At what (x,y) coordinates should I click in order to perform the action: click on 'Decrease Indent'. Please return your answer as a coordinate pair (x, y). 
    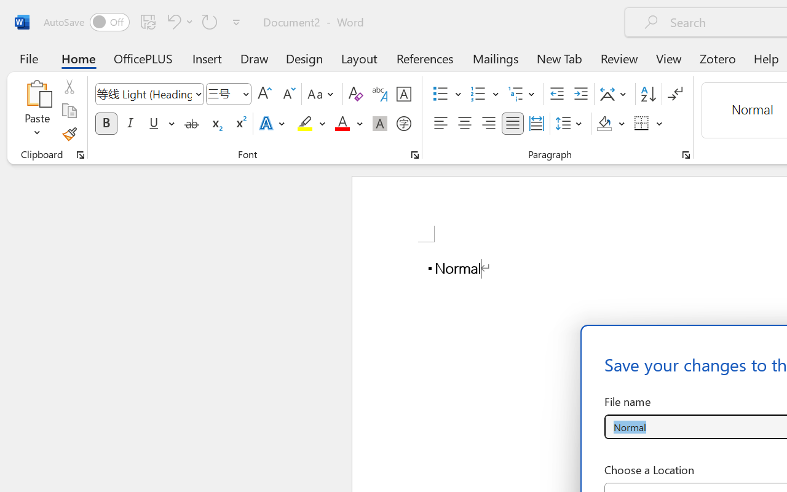
    Looking at the image, I should click on (556, 94).